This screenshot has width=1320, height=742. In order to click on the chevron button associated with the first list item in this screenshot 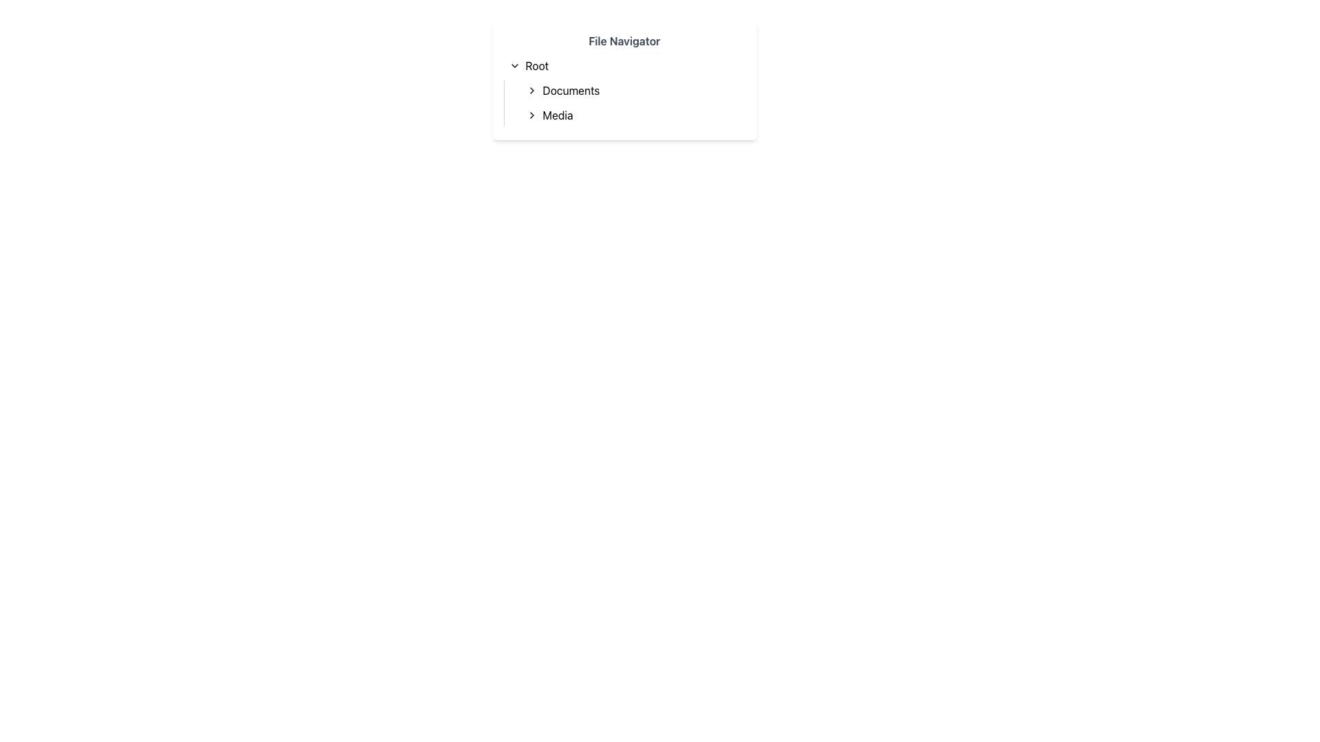, I will do `click(632, 90)`.